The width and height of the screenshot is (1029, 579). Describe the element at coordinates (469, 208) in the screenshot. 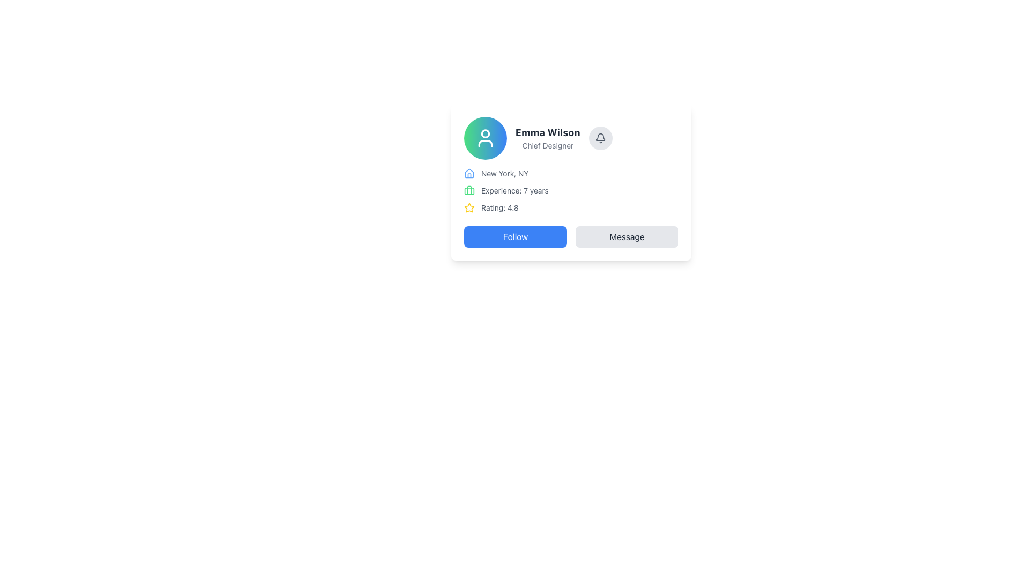

I see `the yellow star icon with a hollow center, which is positioned before the rating score 'Rating: 4.8'` at that location.